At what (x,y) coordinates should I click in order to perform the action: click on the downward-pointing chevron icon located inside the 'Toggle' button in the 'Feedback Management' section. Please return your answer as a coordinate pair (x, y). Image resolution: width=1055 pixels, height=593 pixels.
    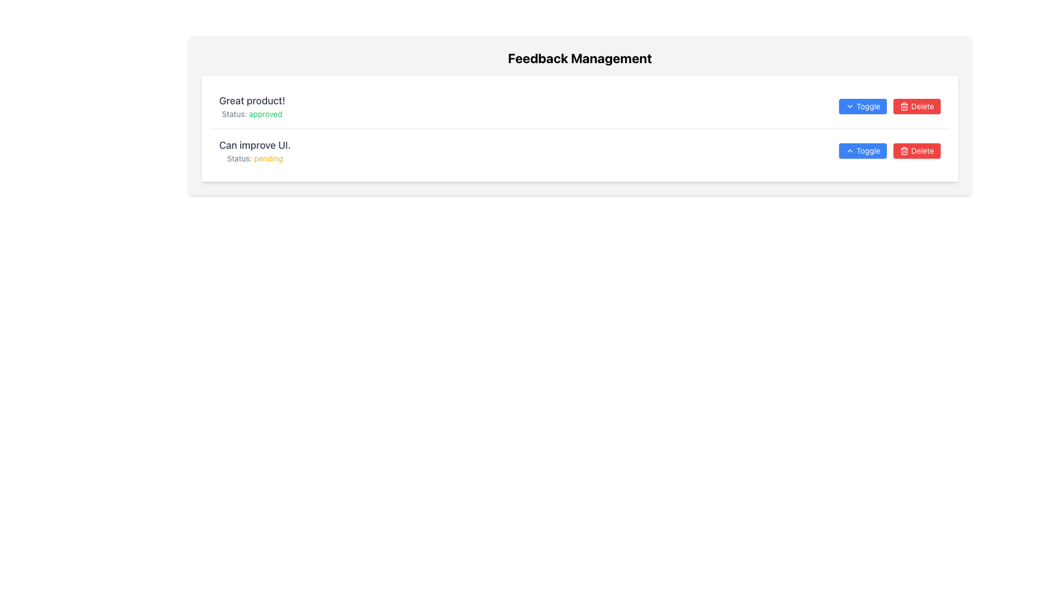
    Looking at the image, I should click on (849, 106).